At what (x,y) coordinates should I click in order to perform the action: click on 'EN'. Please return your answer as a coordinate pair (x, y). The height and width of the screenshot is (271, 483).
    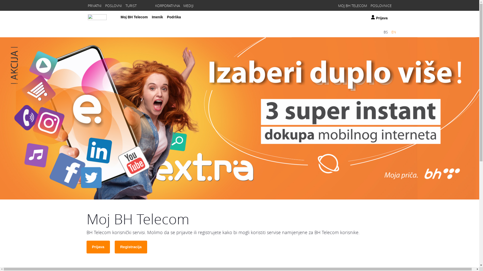
    Looking at the image, I should click on (393, 32).